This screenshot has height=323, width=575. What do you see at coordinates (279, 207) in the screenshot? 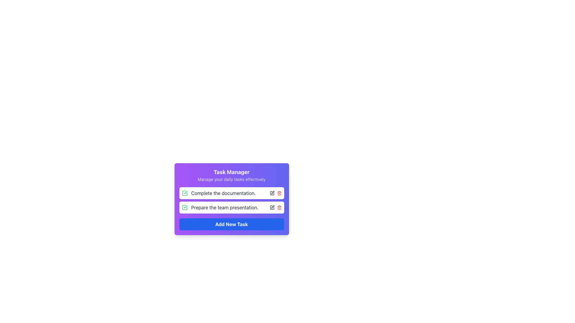
I see `the delete button, which is the second icon in the task actions row, located to the extreme right of the task row, adjacent to the edit icon` at bounding box center [279, 207].